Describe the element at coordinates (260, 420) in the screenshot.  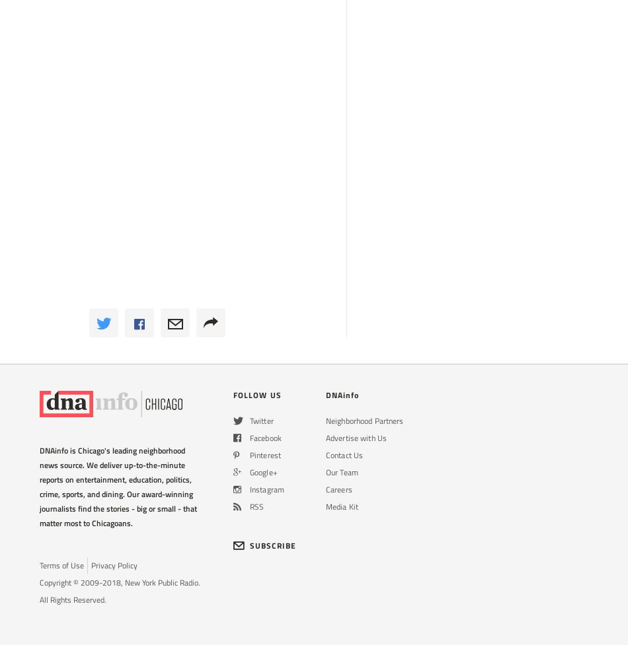
I see `'Twitter'` at that location.